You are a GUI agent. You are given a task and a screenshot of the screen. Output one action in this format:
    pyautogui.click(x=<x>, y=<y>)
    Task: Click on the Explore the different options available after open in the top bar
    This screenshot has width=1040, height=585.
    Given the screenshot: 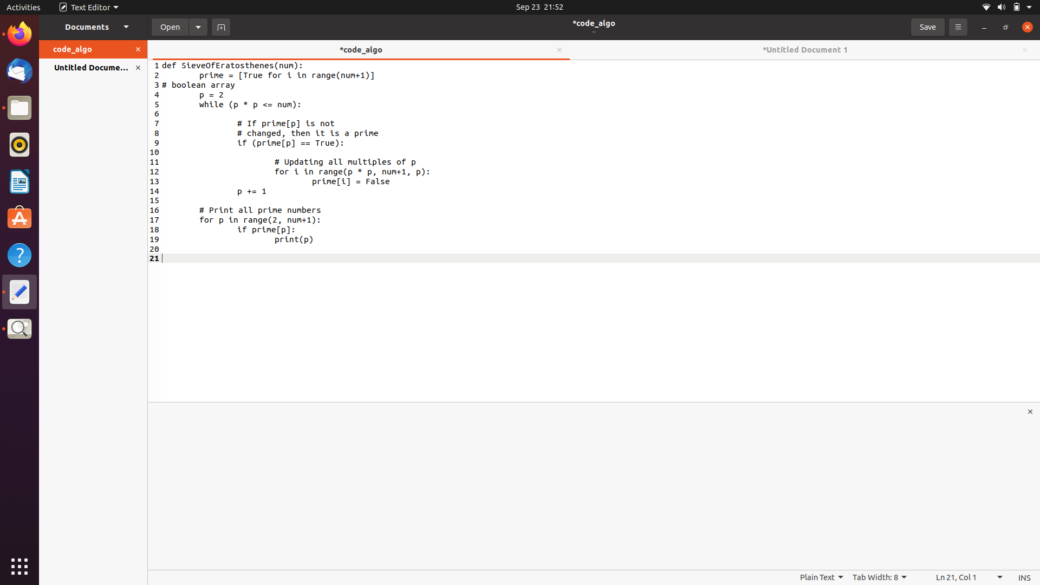 What is the action you would take?
    pyautogui.click(x=198, y=26)
    